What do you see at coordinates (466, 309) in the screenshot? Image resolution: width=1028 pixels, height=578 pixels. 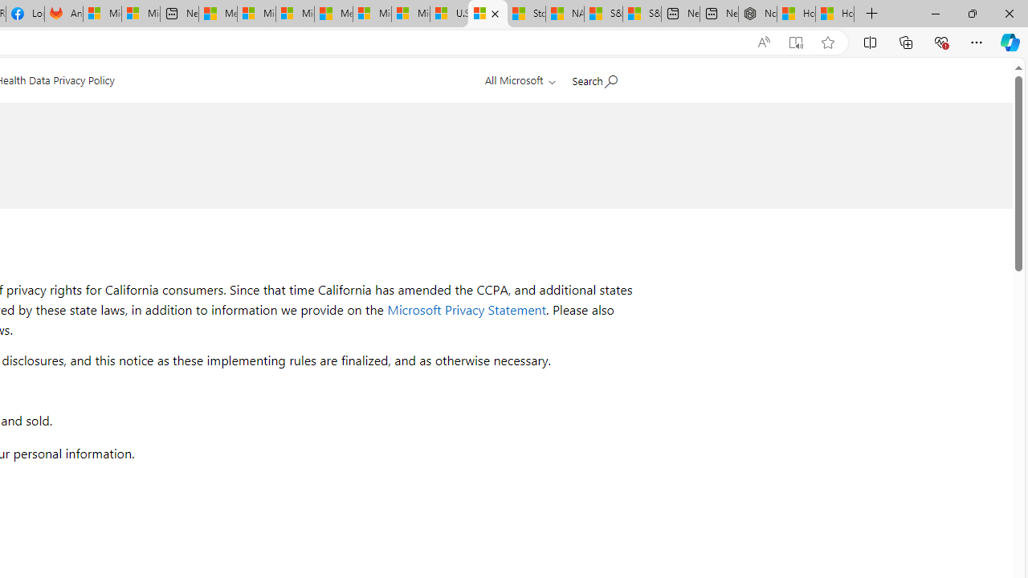 I see `'Microsoft Privacy Statement'` at bounding box center [466, 309].